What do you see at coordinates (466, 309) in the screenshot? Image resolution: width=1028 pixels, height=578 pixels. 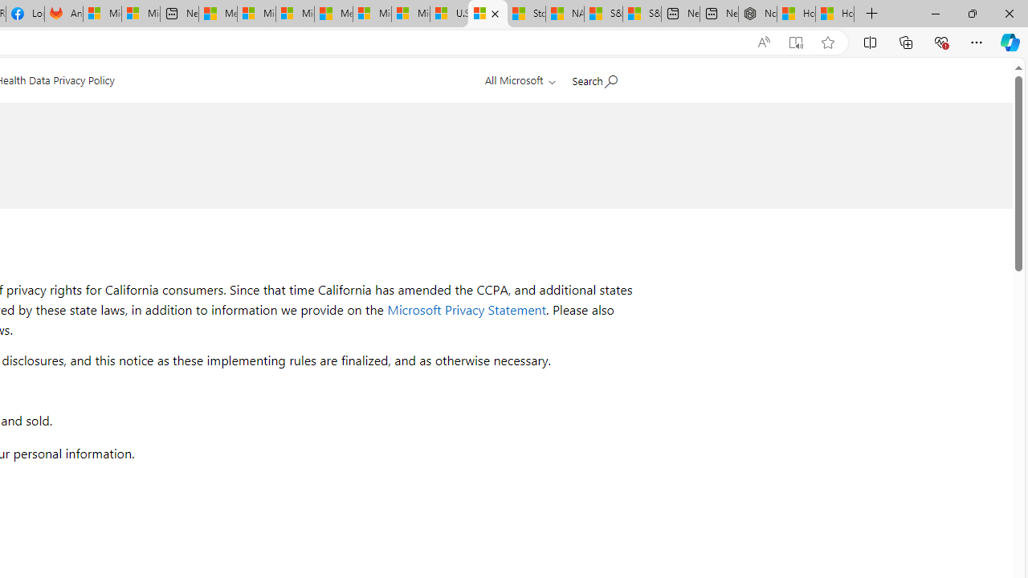 I see `'Microsoft Privacy Statement'` at bounding box center [466, 309].